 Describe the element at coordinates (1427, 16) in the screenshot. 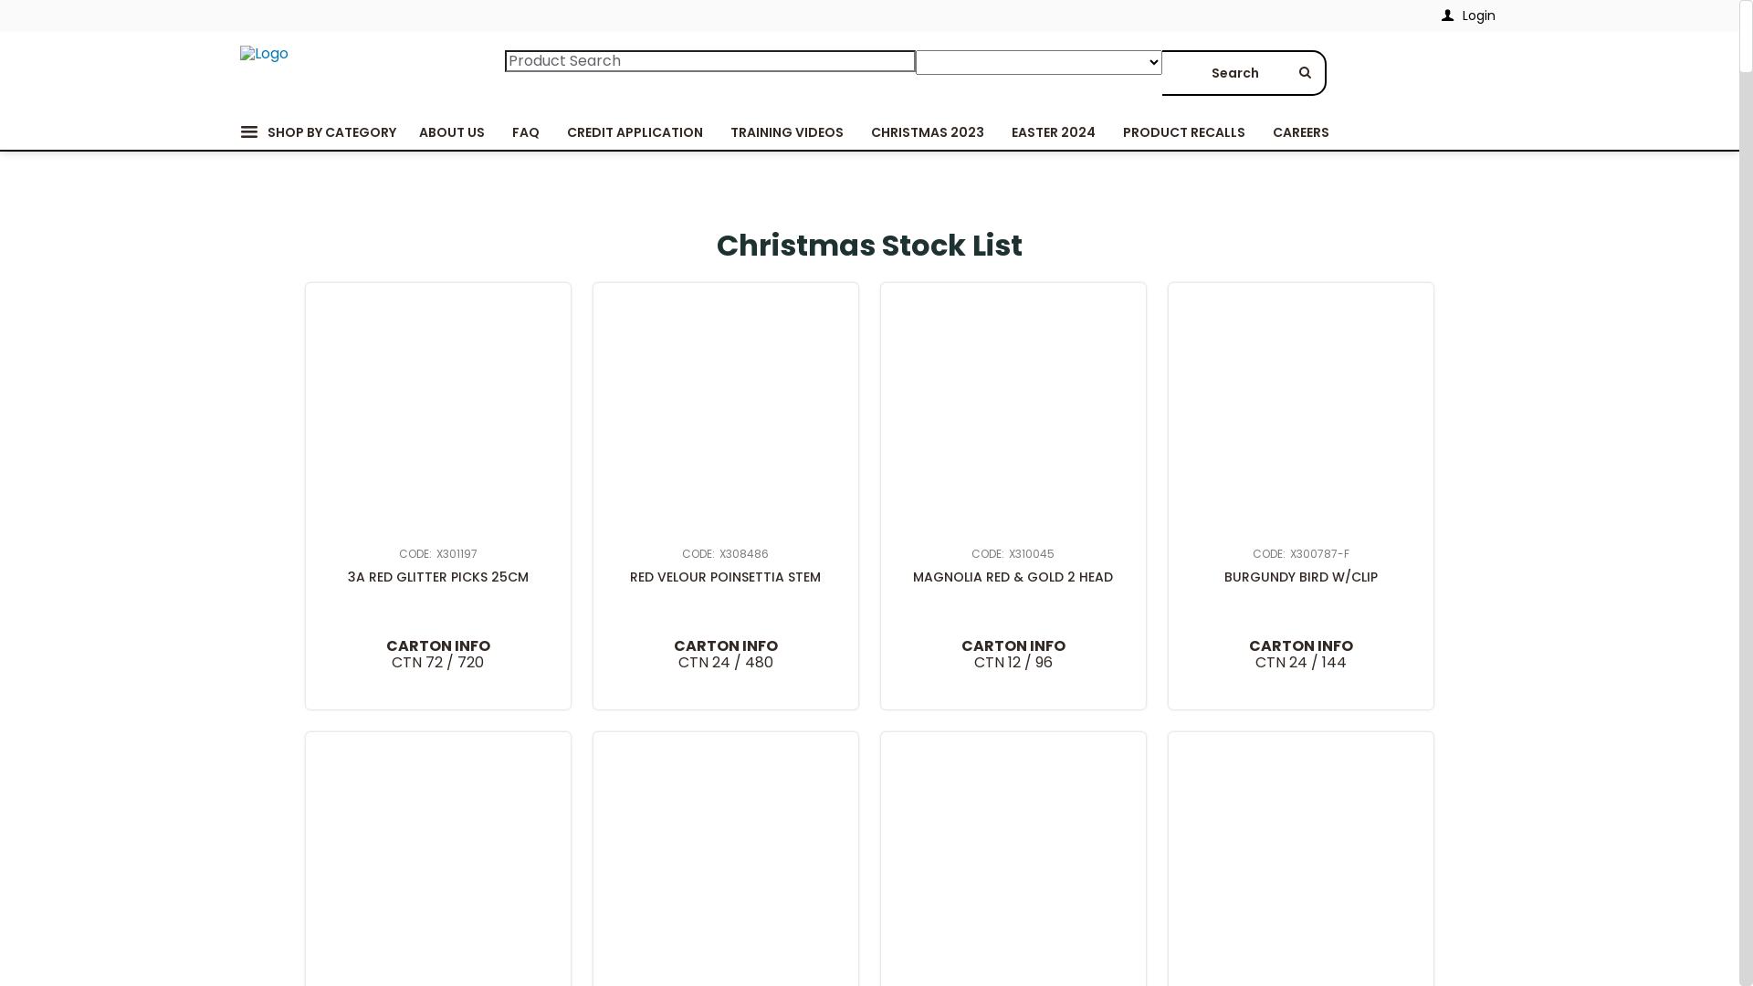

I see `'Login'` at that location.